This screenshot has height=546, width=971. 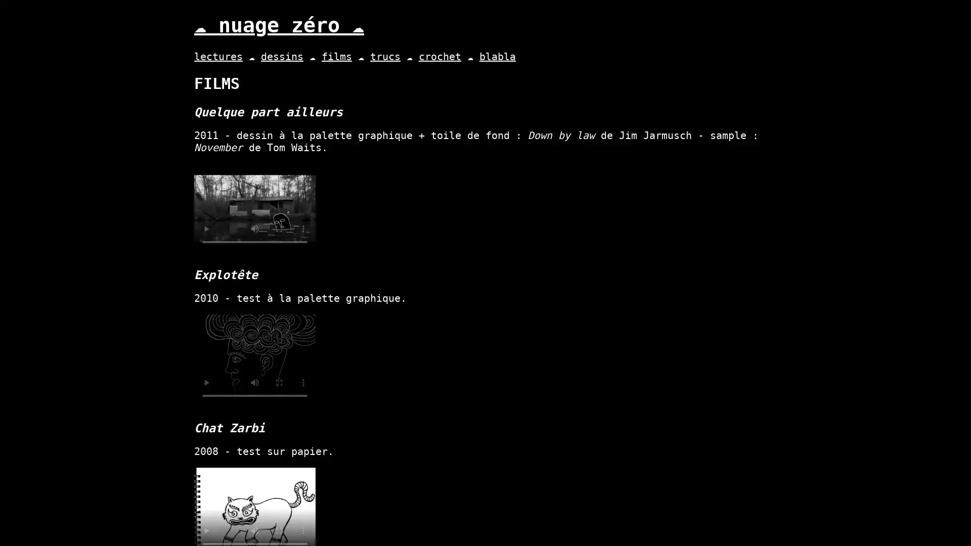 What do you see at coordinates (279, 382) in the screenshot?
I see `enter full screen` at bounding box center [279, 382].